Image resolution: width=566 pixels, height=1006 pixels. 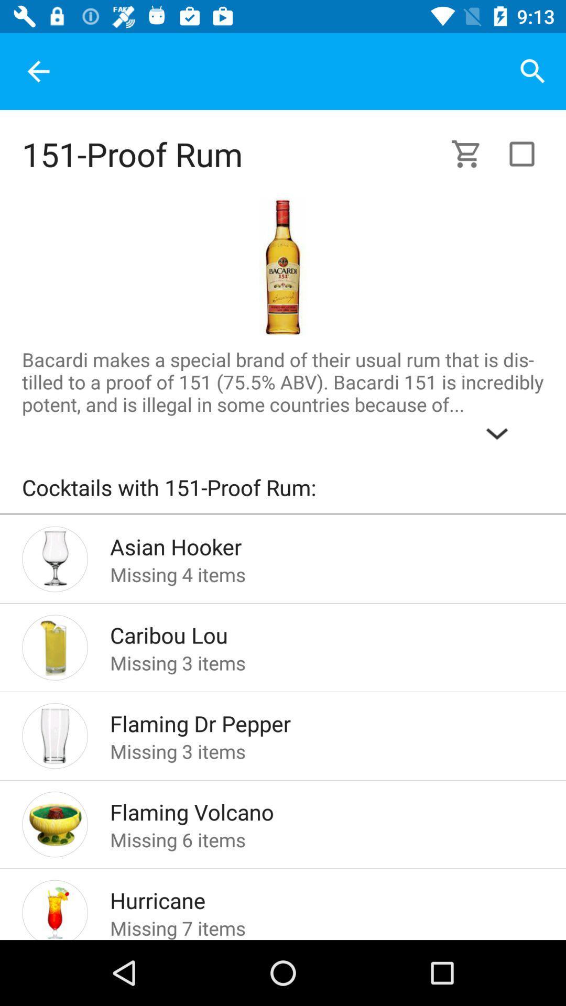 I want to click on zoom image, so click(x=282, y=267).